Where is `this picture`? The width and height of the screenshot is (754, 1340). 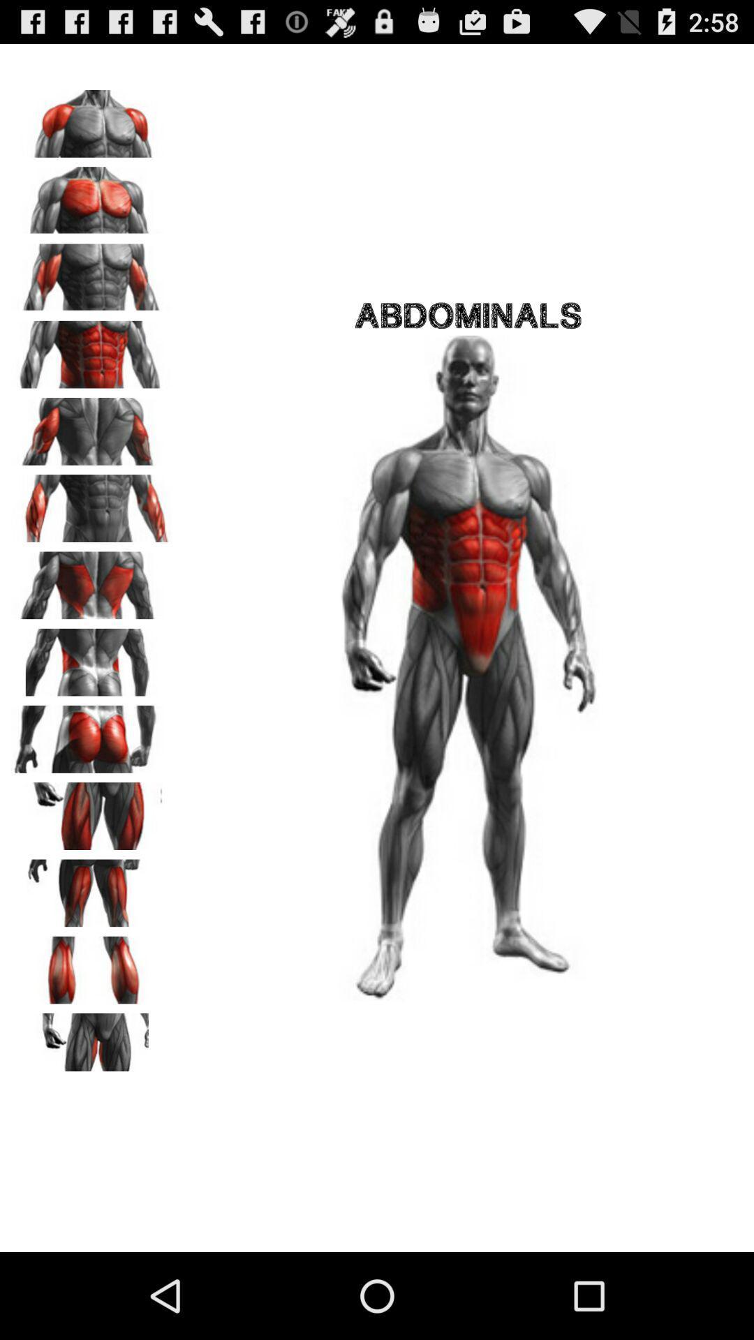 this picture is located at coordinates (91, 657).